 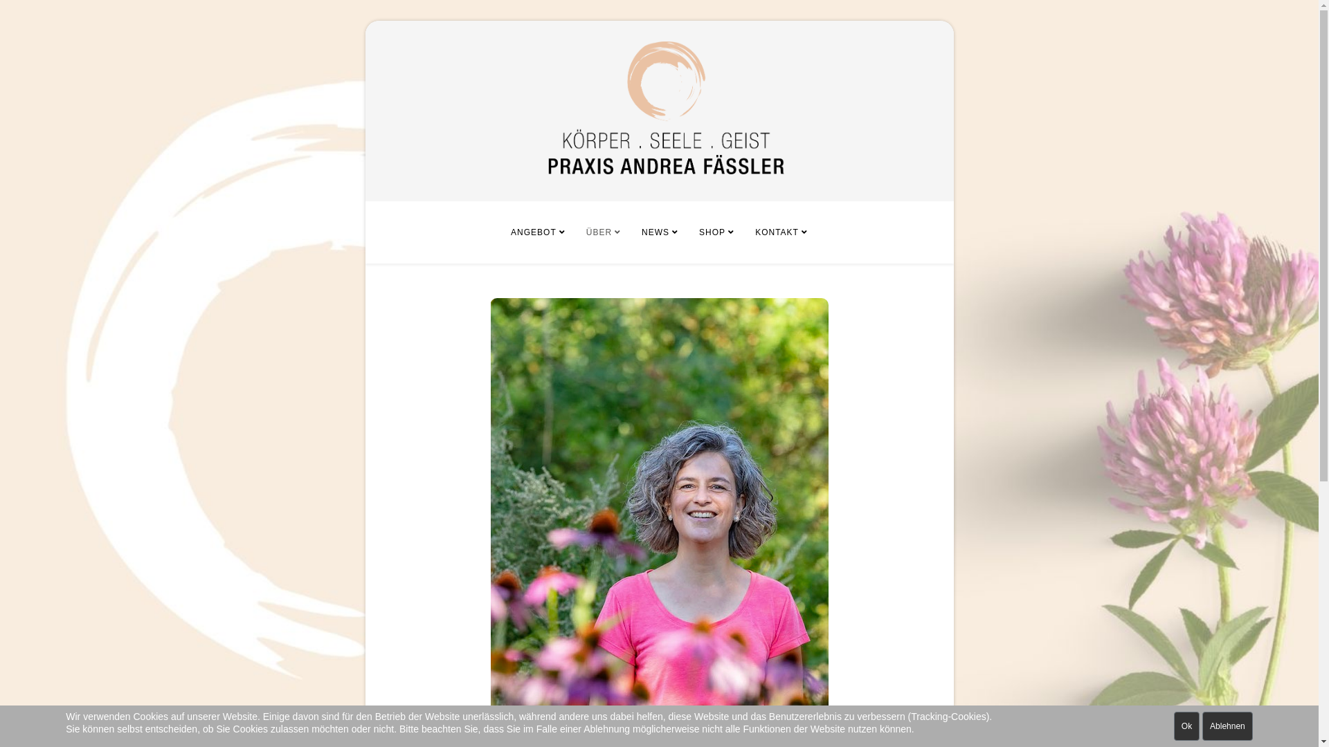 I want to click on 'KONTAKT', so click(x=743, y=231).